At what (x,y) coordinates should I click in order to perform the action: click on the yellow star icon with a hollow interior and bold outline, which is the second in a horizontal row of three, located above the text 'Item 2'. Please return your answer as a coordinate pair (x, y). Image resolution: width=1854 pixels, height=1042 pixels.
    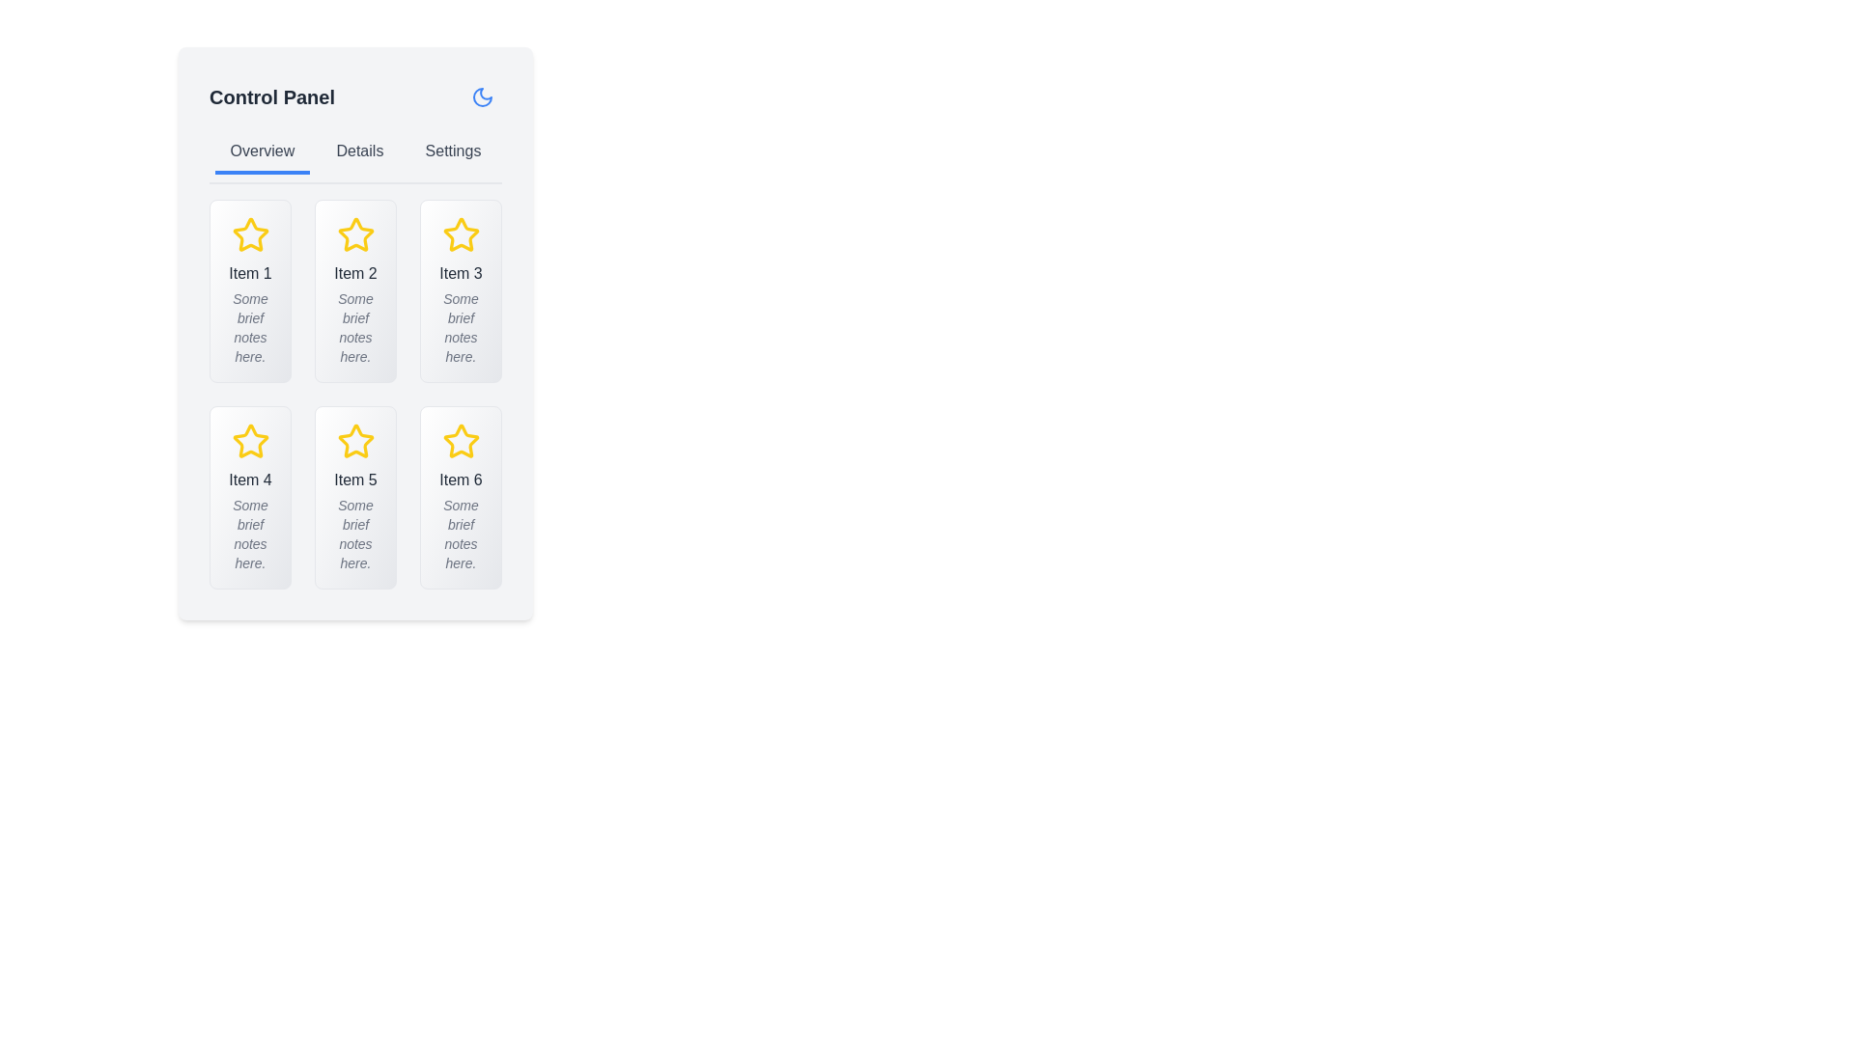
    Looking at the image, I should click on (355, 233).